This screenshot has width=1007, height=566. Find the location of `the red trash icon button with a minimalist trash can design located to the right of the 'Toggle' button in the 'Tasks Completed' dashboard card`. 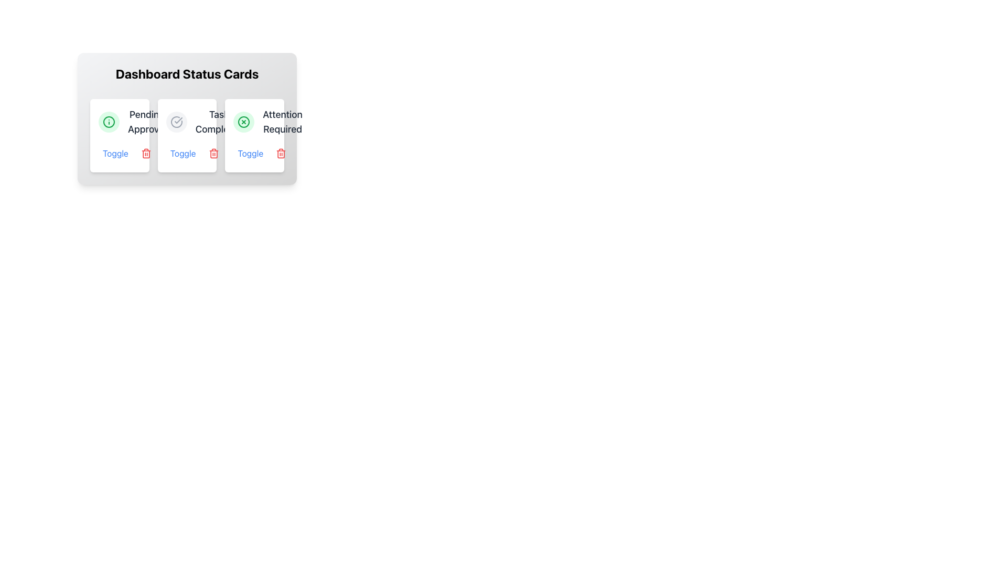

the red trash icon button with a minimalist trash can design located to the right of the 'Toggle' button in the 'Tasks Completed' dashboard card is located at coordinates (213, 154).